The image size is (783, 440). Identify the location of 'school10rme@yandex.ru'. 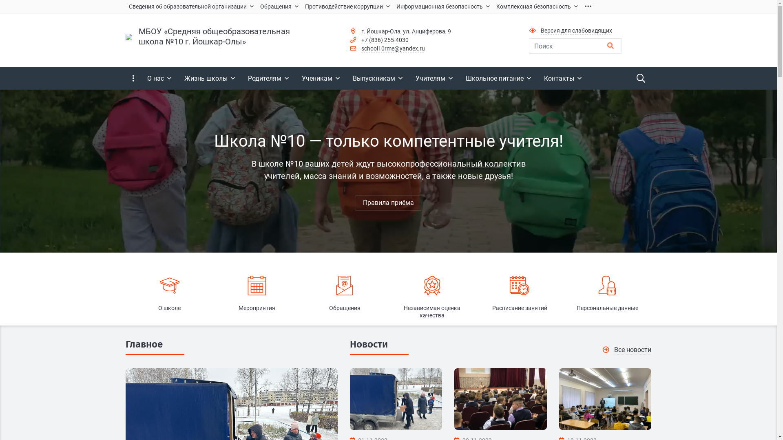
(361, 48).